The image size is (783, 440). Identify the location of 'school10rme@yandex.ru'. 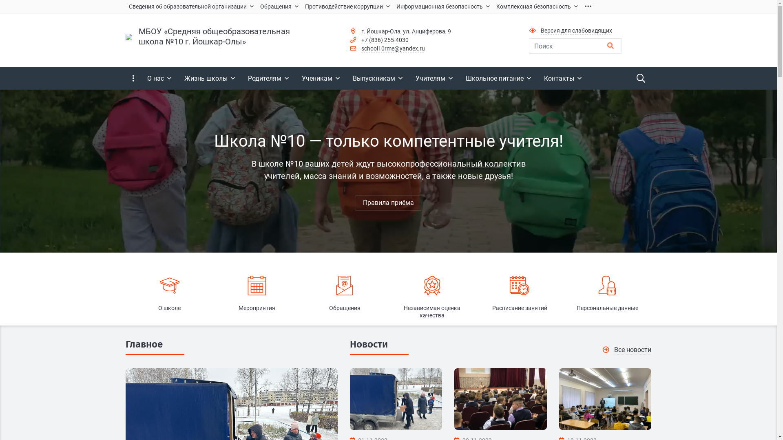
(361, 48).